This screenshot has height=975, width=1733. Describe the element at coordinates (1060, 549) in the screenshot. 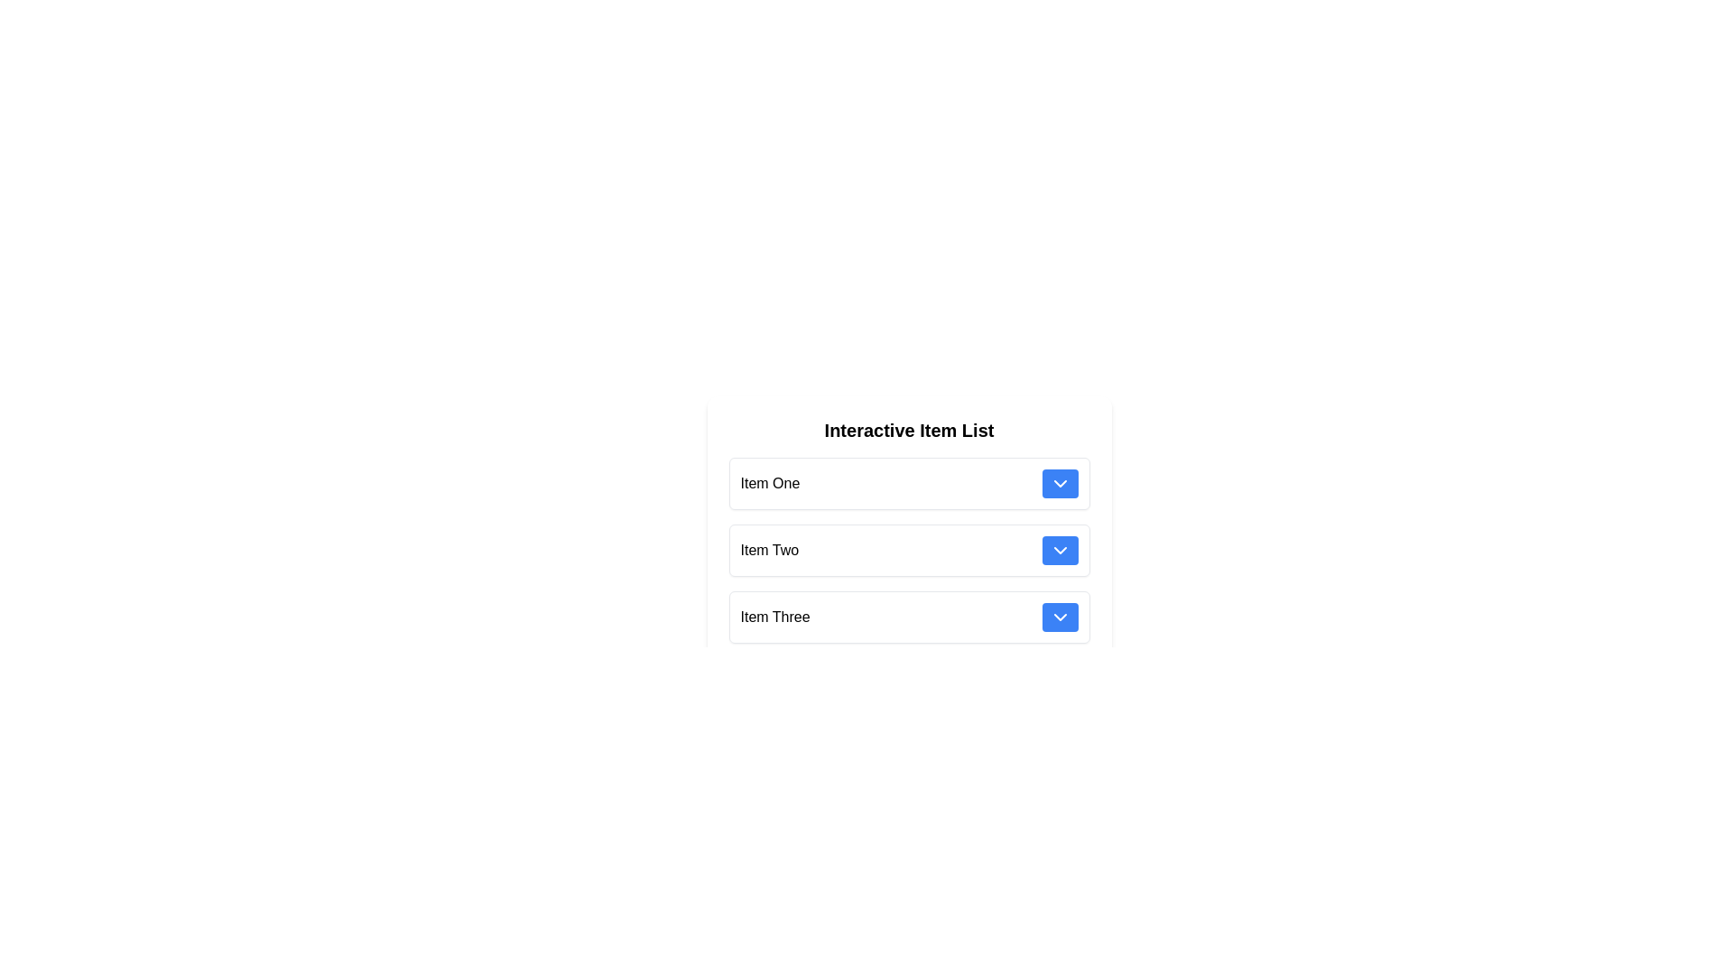

I see `the blue rectangular button with a downward arrow icon located on the right side of the row labeled 'Item Two'` at that location.